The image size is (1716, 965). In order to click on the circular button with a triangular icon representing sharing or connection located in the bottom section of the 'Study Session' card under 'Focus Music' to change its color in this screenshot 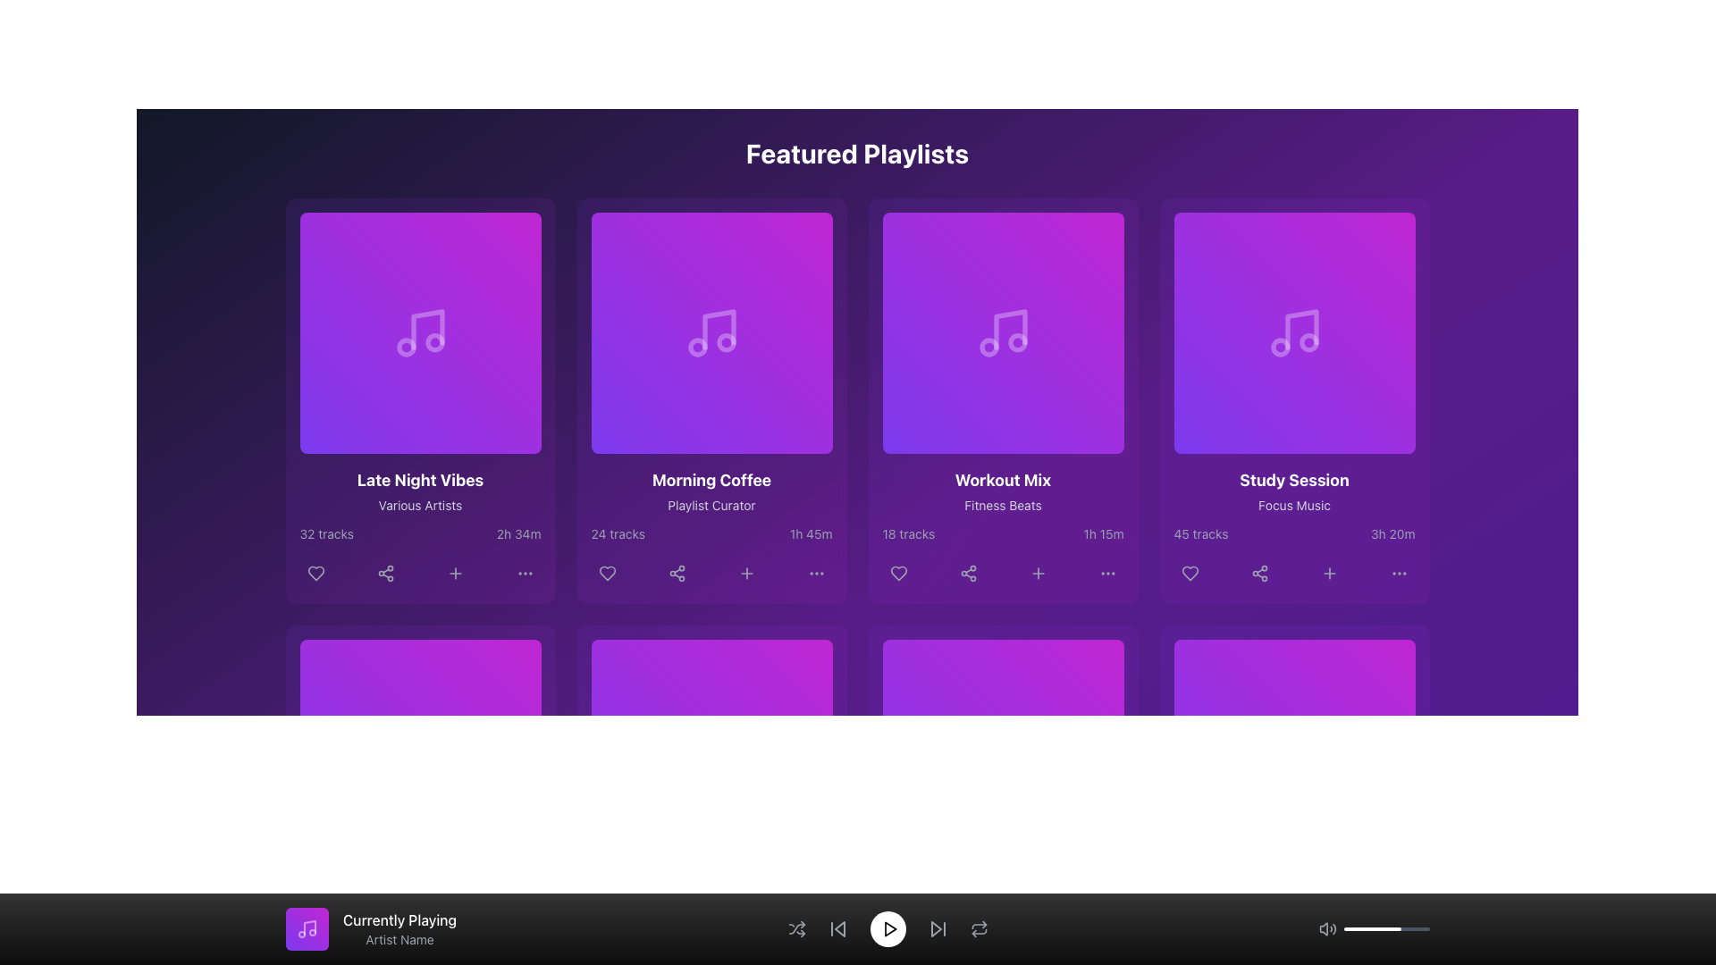, I will do `click(1258, 573)`.